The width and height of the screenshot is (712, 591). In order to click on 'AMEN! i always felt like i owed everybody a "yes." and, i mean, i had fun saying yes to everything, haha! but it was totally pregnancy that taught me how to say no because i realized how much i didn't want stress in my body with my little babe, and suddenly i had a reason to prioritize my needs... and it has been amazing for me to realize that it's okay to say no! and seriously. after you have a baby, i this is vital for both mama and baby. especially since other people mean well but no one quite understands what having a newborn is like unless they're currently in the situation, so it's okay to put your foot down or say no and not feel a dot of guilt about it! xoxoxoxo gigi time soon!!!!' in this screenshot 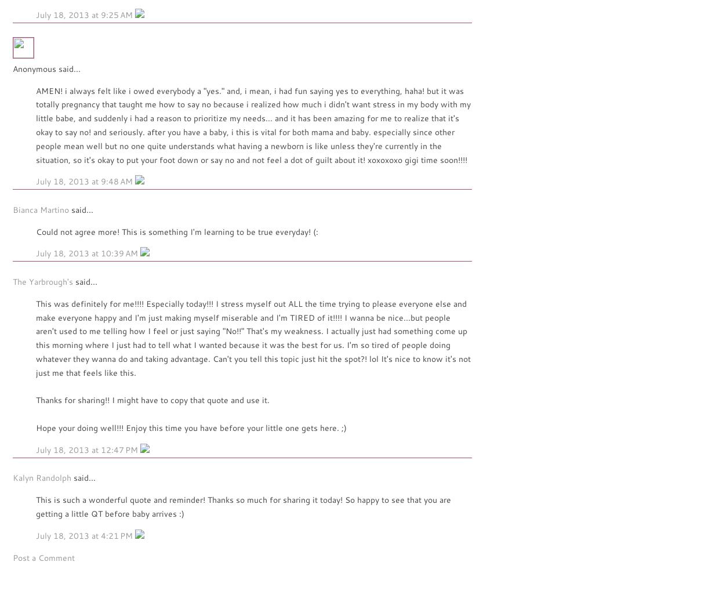, I will do `click(253, 124)`.